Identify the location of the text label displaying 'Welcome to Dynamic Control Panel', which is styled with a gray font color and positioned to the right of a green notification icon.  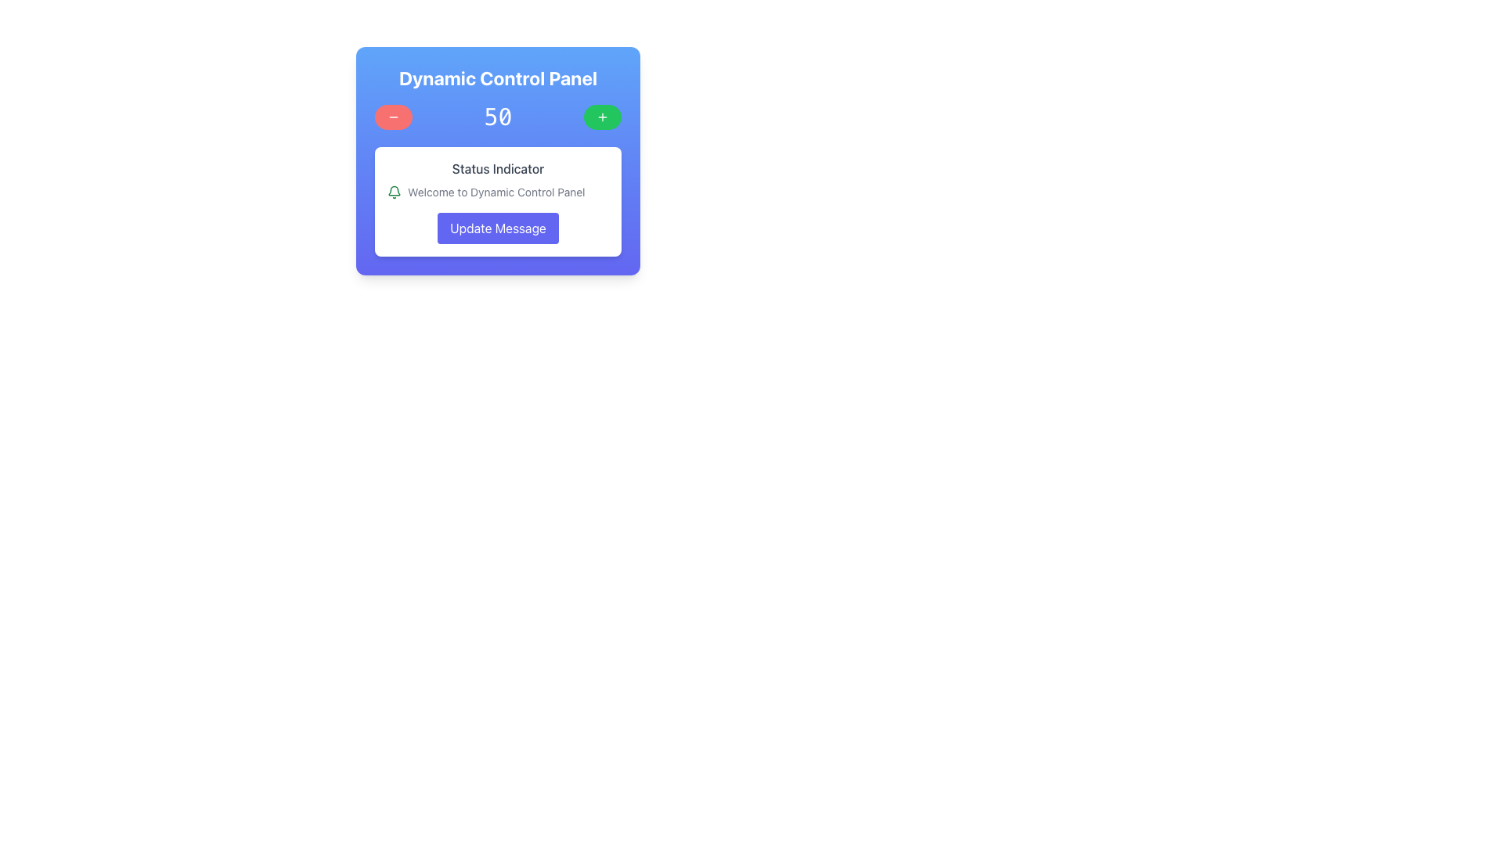
(496, 192).